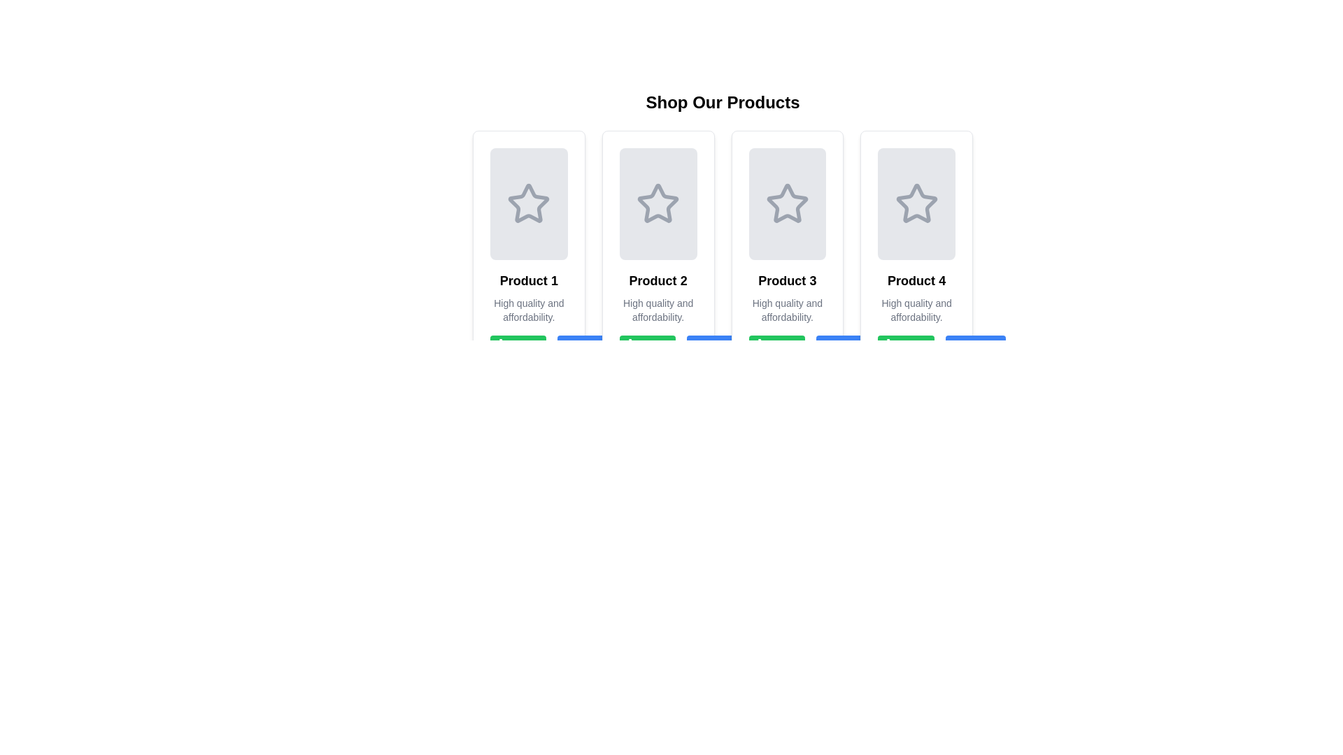  I want to click on the star-shaped icon used as a rating indicator located at the top center of the first product card in a horizontal list of four cards, so click(528, 203).